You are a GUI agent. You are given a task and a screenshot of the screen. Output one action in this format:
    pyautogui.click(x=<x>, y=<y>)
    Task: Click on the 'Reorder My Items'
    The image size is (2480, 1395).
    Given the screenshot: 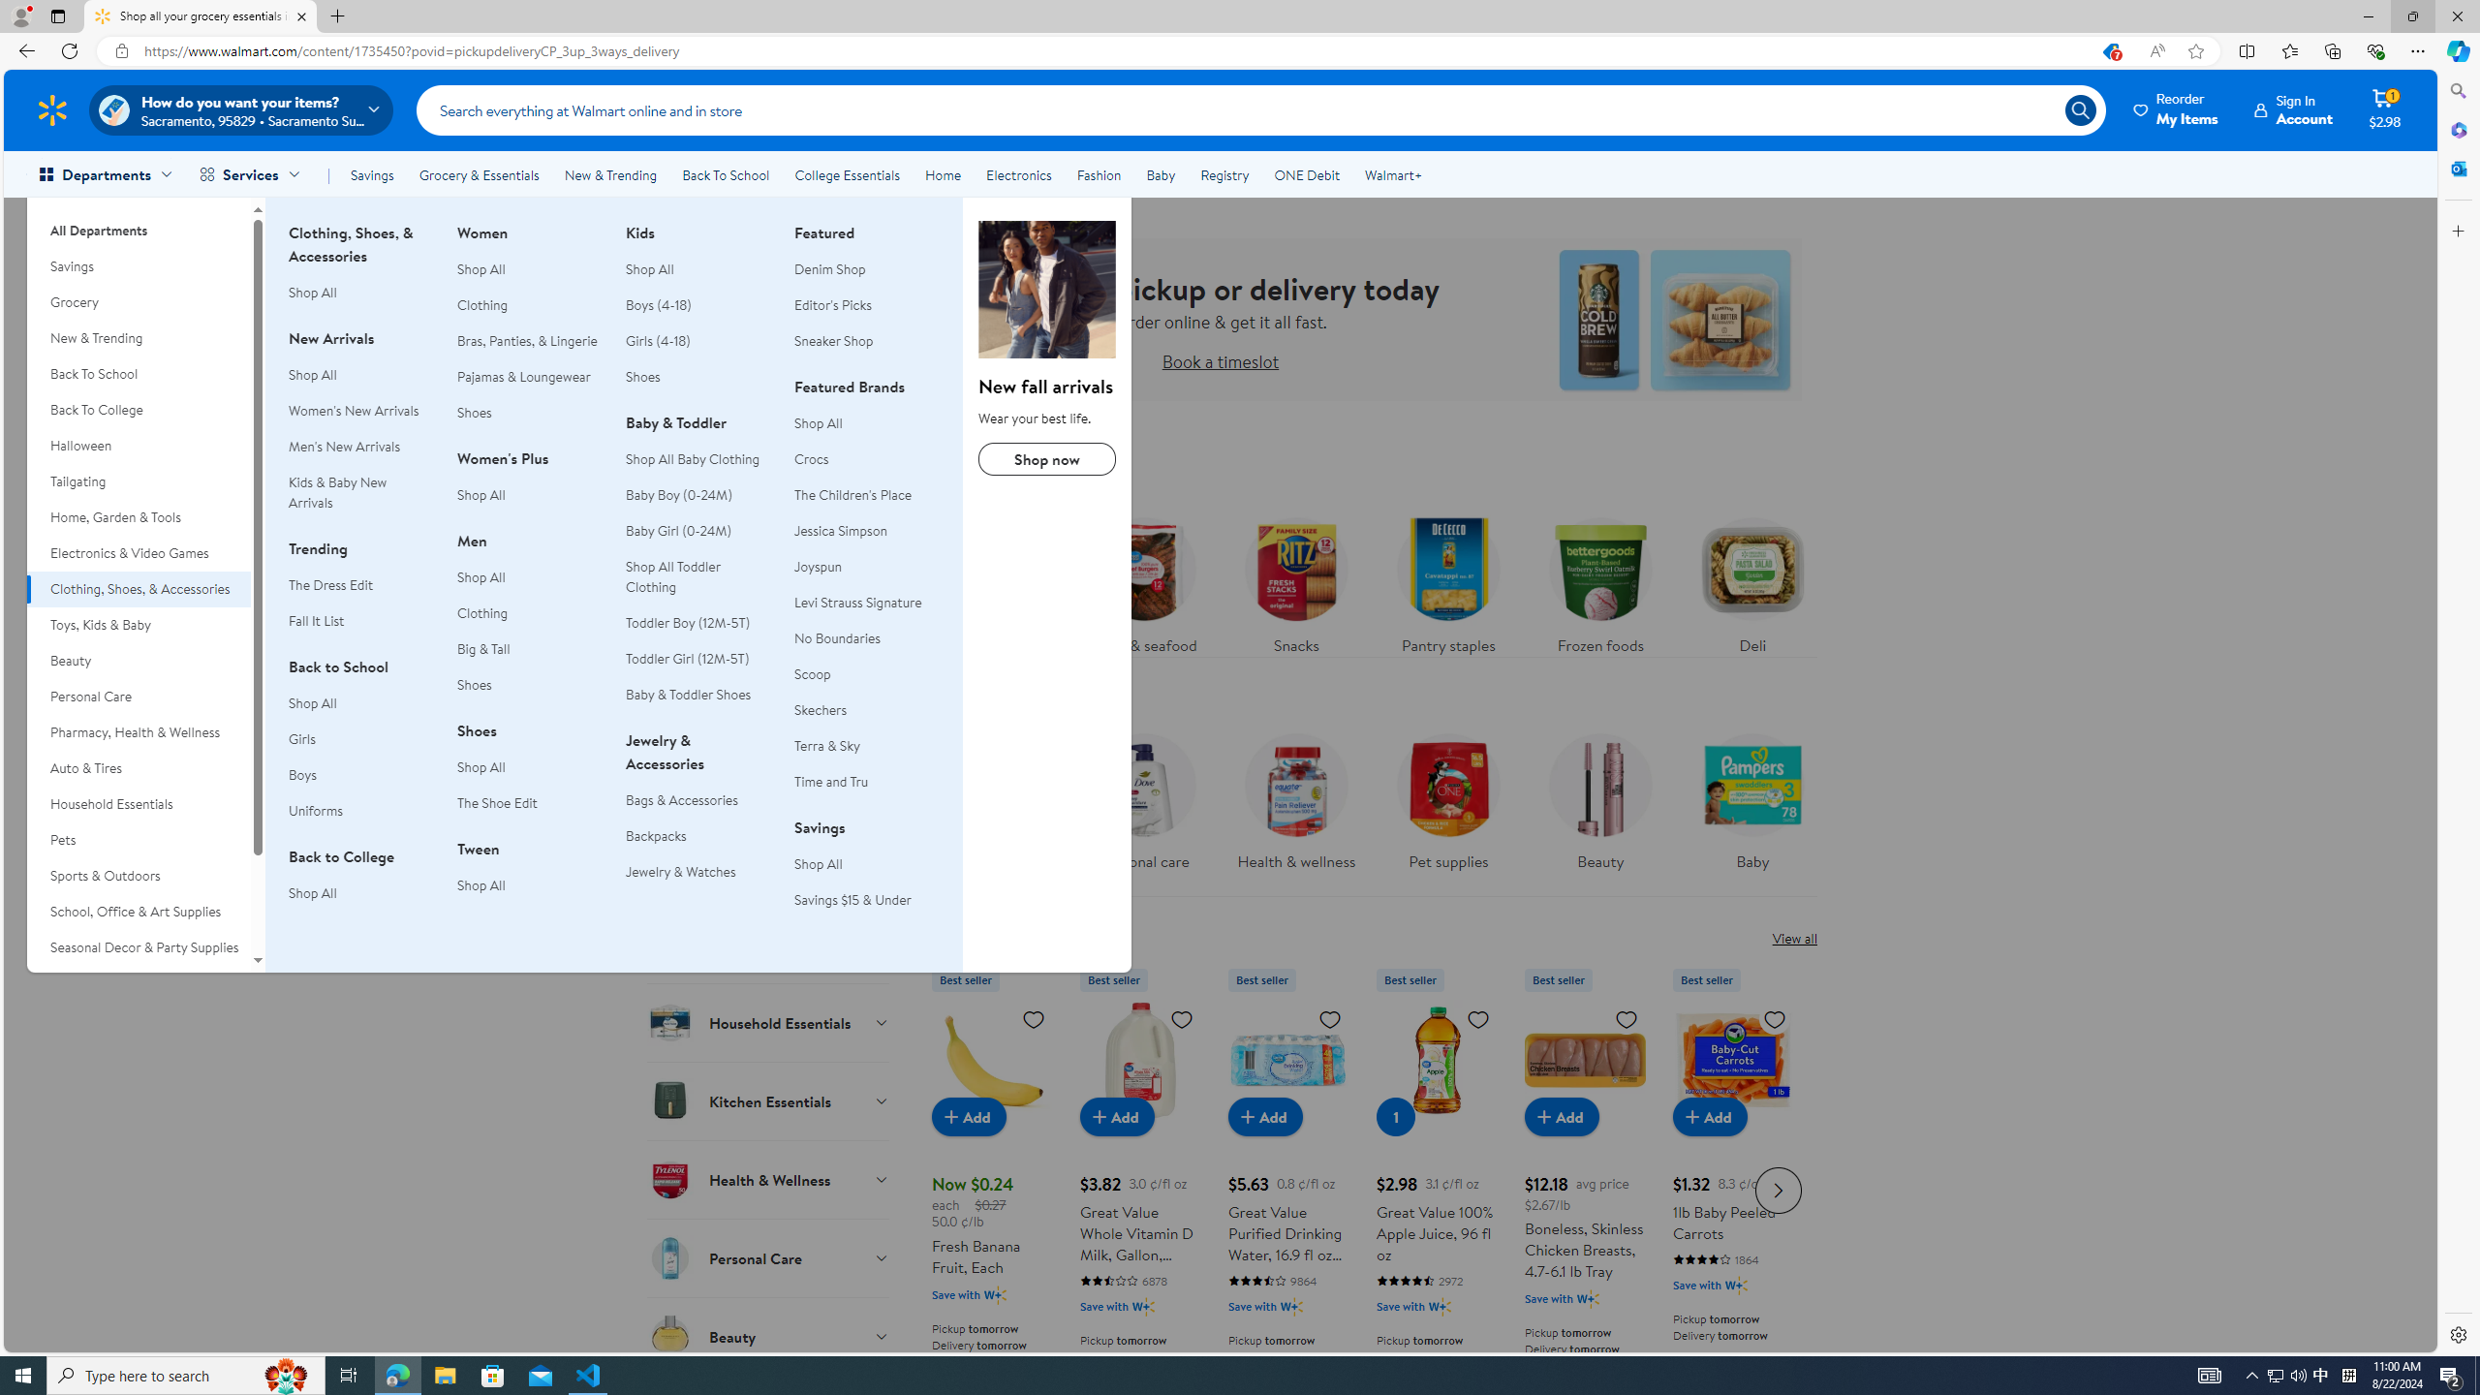 What is the action you would take?
    pyautogui.click(x=2176, y=108)
    